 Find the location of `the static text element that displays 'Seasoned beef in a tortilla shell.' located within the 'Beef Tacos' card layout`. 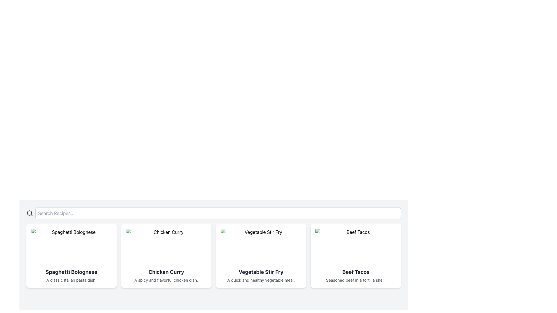

the static text element that displays 'Seasoned beef in a tortilla shell.' located within the 'Beef Tacos' card layout is located at coordinates (355, 280).